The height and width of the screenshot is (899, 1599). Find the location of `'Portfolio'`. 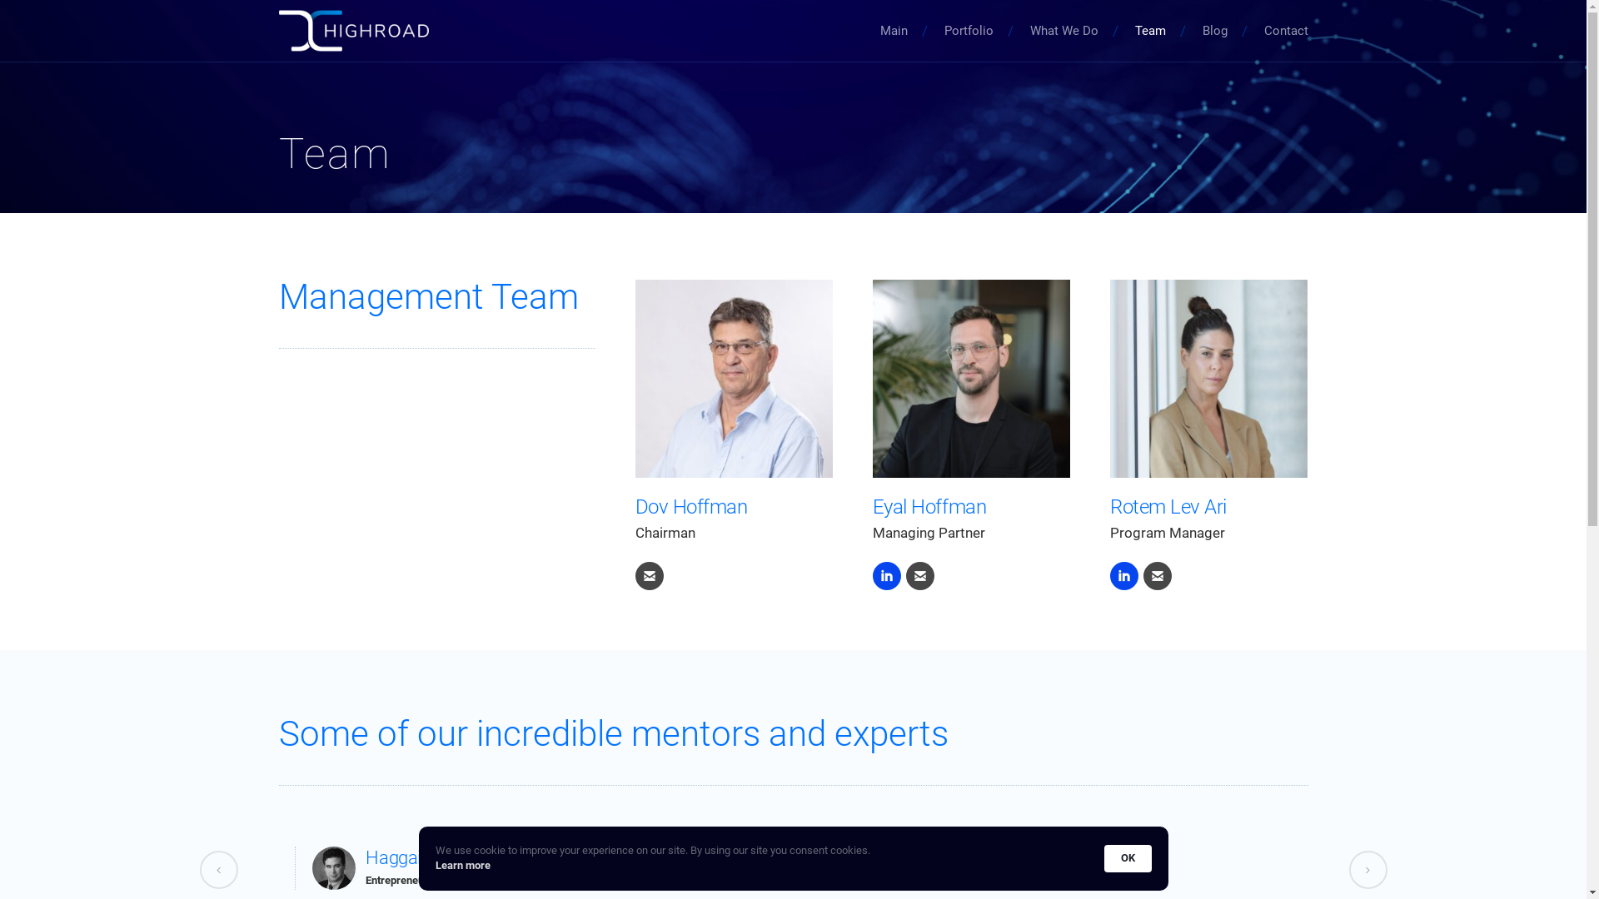

'Portfolio' is located at coordinates (969, 31).